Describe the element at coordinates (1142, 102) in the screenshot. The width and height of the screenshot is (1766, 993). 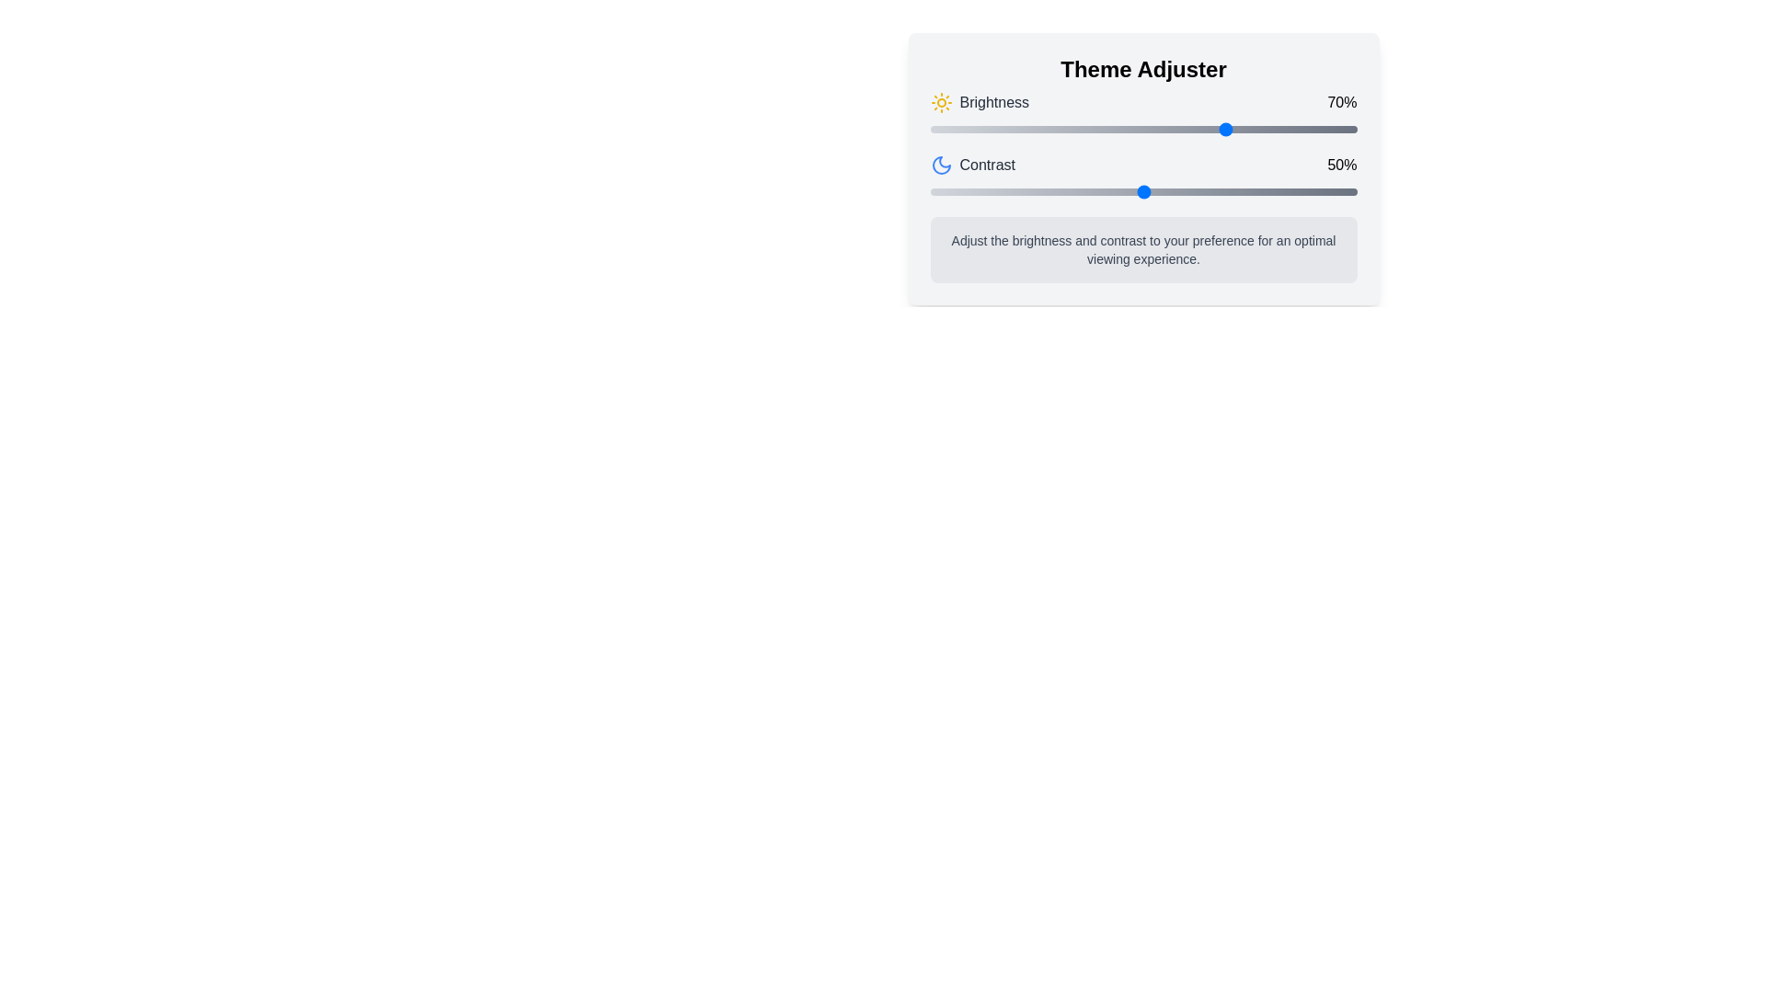
I see `the Static information display showing the brightness level percentage '70%' located at the top of the 'Theme Adjuster' panel, which is the first row of controls above the 'Contrast' controls` at that location.